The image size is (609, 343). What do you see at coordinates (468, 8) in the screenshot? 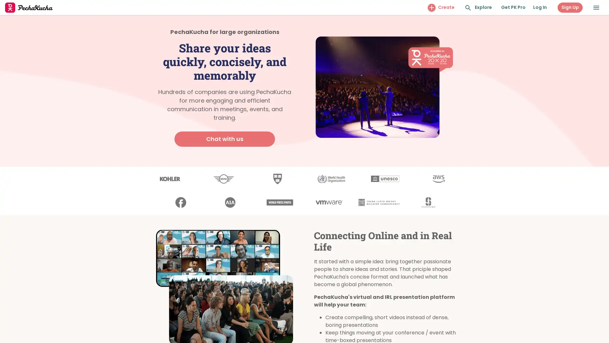
I see `Search and Explore` at bounding box center [468, 8].